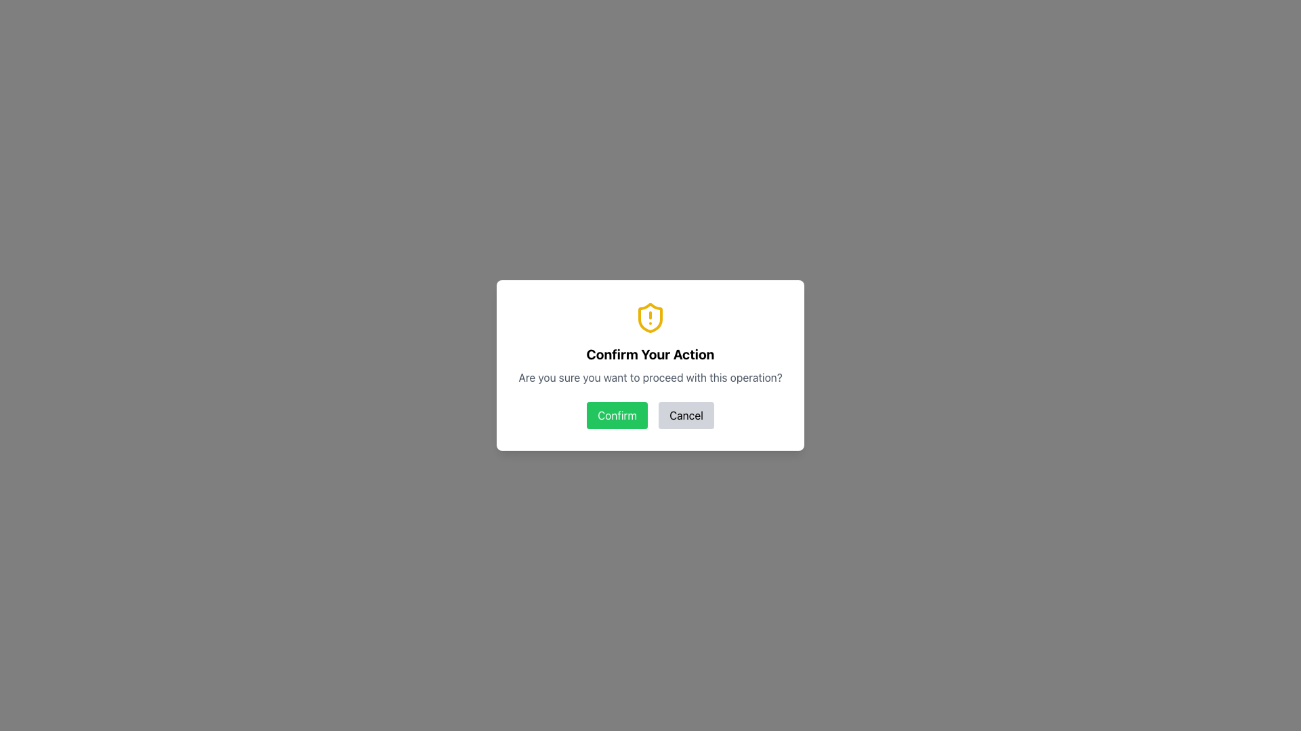 The height and width of the screenshot is (731, 1301). What do you see at coordinates (650, 378) in the screenshot?
I see `the static text element displaying the message 'Are you sure you want to proceed with this operation?' which is located centrally below the title 'Confirm Your Action' in the modal dialog box` at bounding box center [650, 378].